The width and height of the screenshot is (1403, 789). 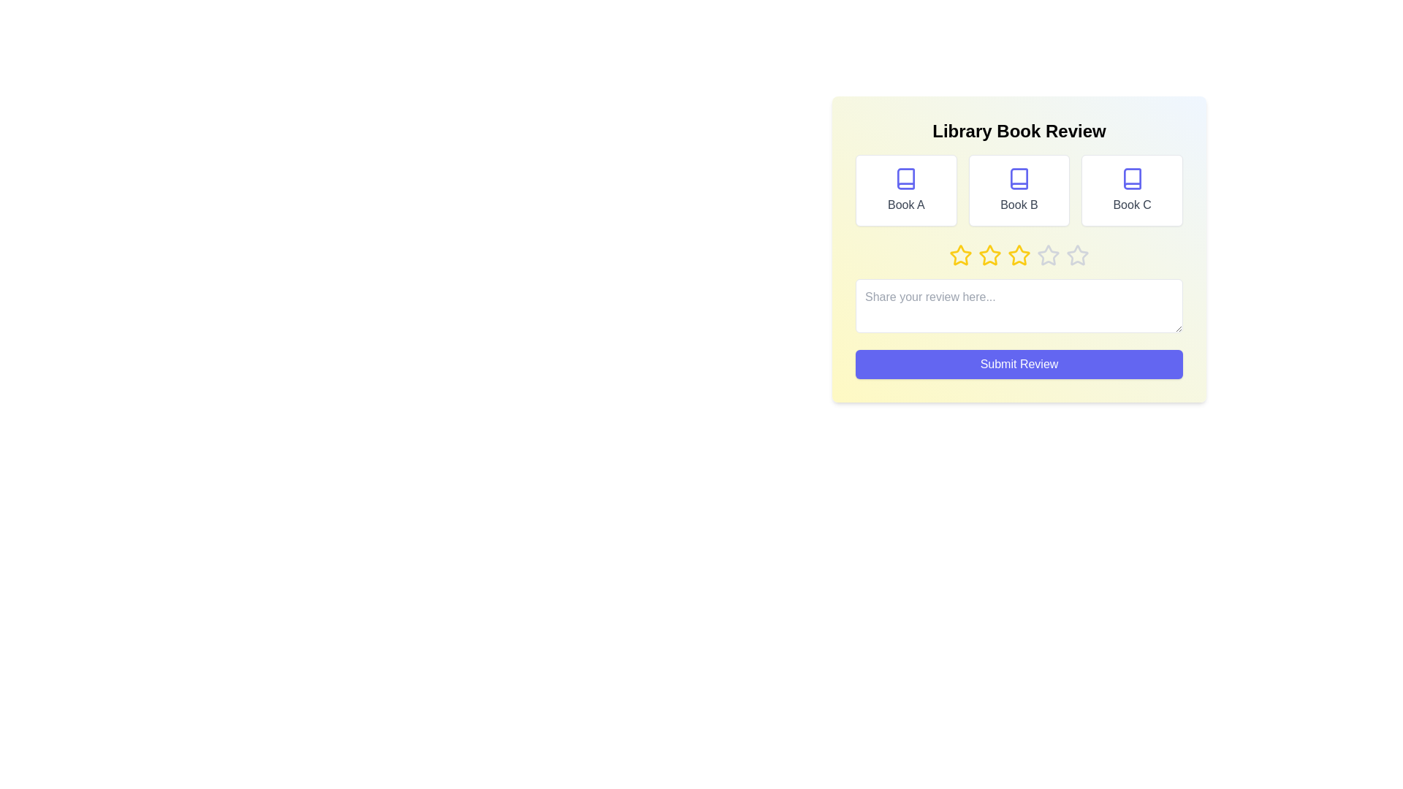 I want to click on the star corresponding to 1 to preview the rating, so click(x=961, y=255).